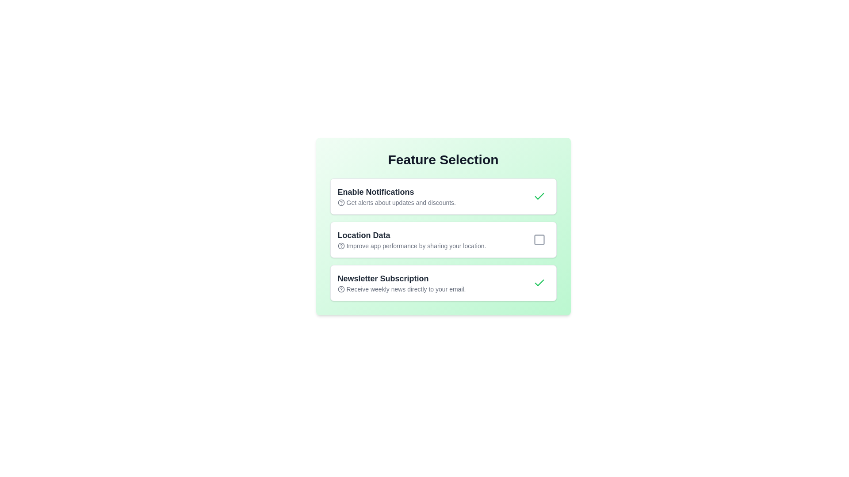  Describe the element at coordinates (401, 279) in the screenshot. I see `the text label displaying 'Newsletter Subscription', which is styled in bold and dark gray, positioned prominently as a heading above the subscription feature description` at that location.